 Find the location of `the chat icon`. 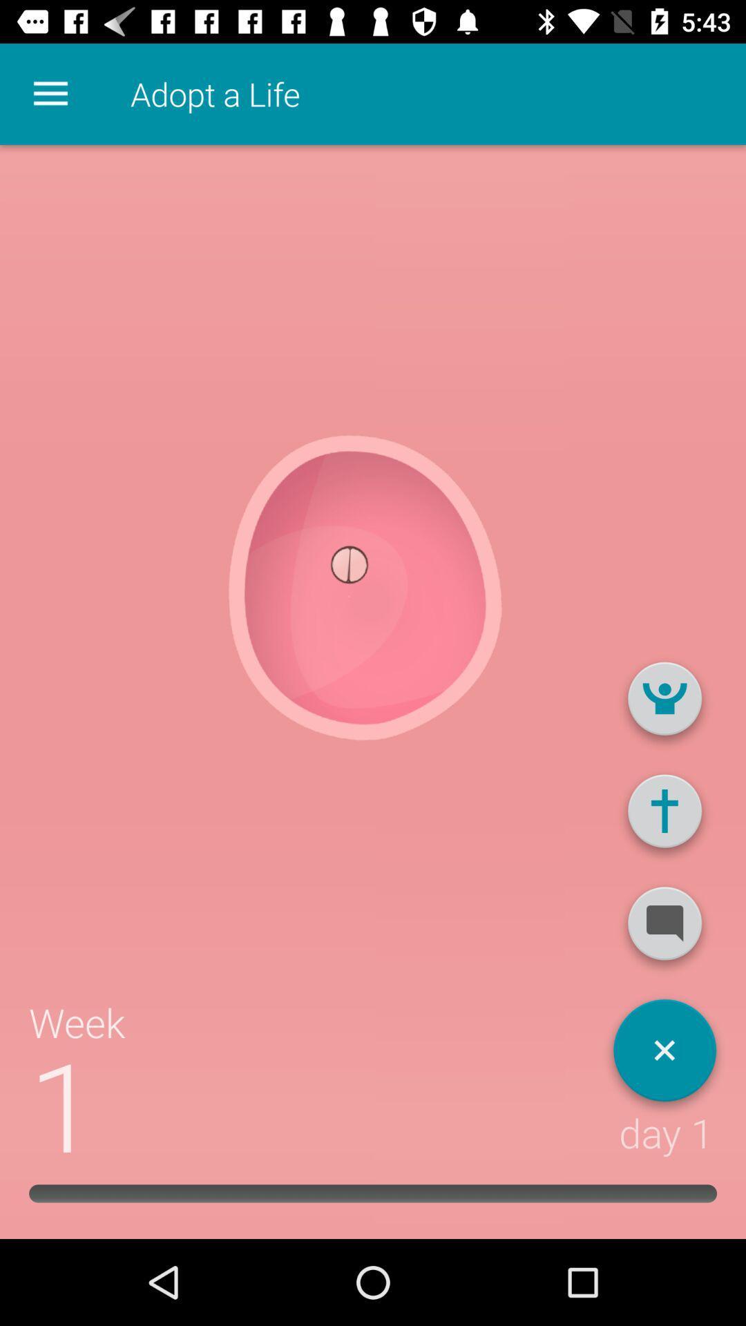

the chat icon is located at coordinates (664, 929).